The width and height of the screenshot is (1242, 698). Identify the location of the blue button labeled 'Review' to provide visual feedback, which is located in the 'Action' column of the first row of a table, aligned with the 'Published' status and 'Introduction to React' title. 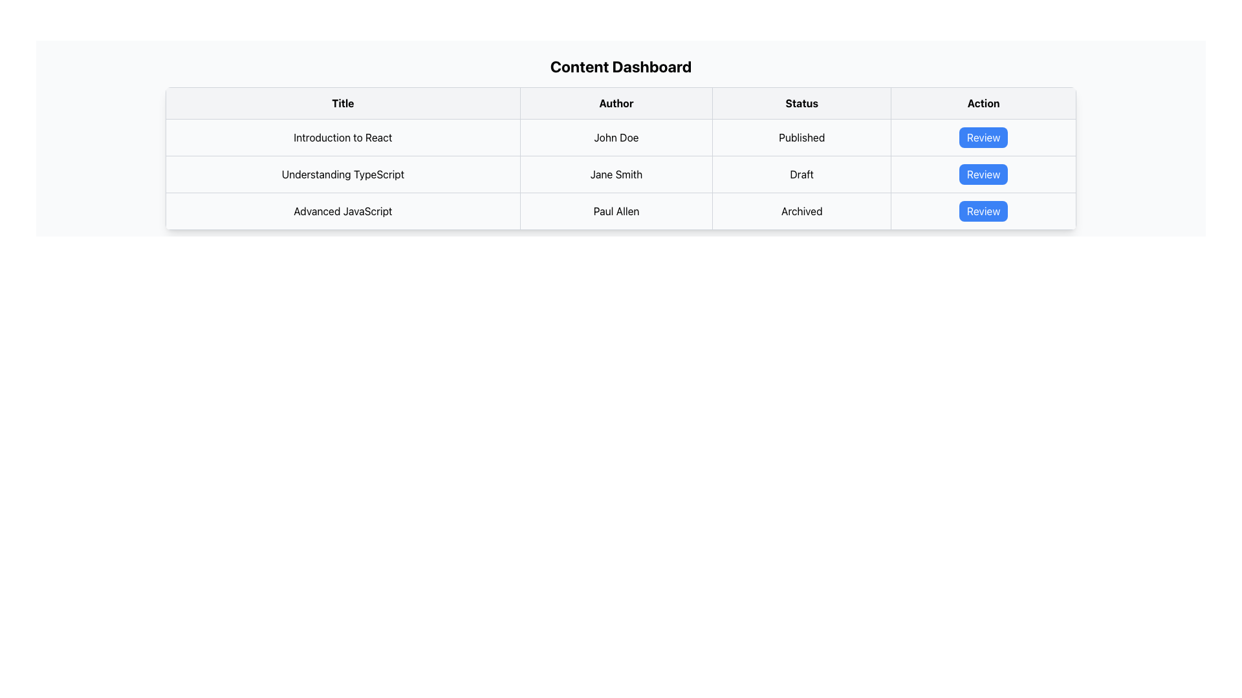
(983, 137).